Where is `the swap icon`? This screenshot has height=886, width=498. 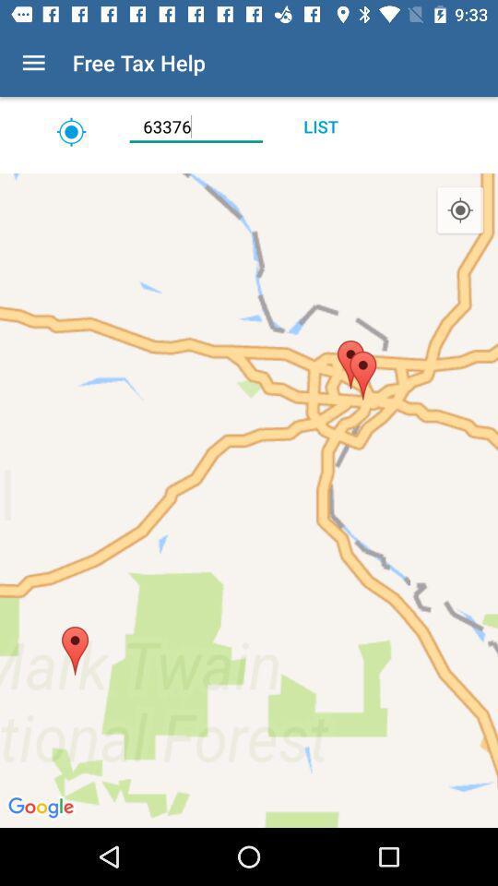 the swap icon is located at coordinates (70, 131).